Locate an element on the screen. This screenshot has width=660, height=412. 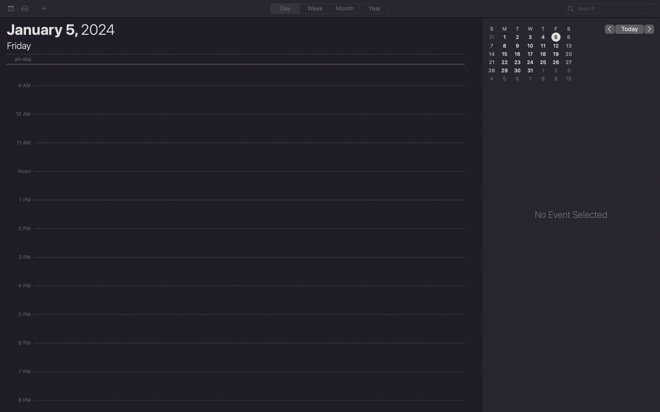
Activate the options settings is located at coordinates (11, 8).